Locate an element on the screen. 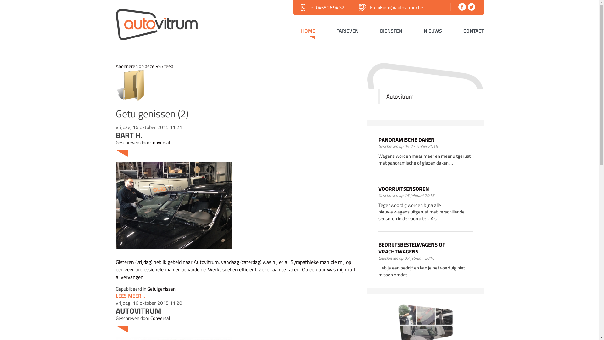 This screenshot has height=340, width=604. 'CONTACT' is located at coordinates (455, 32).